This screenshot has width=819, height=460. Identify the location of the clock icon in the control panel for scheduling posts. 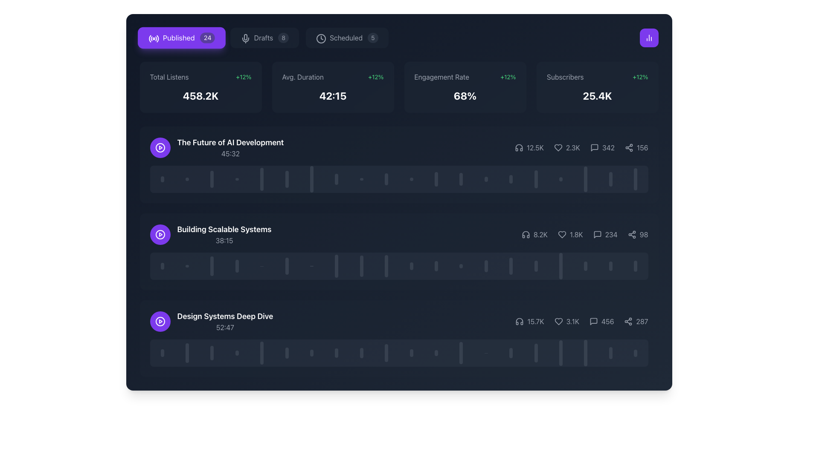
(321, 39).